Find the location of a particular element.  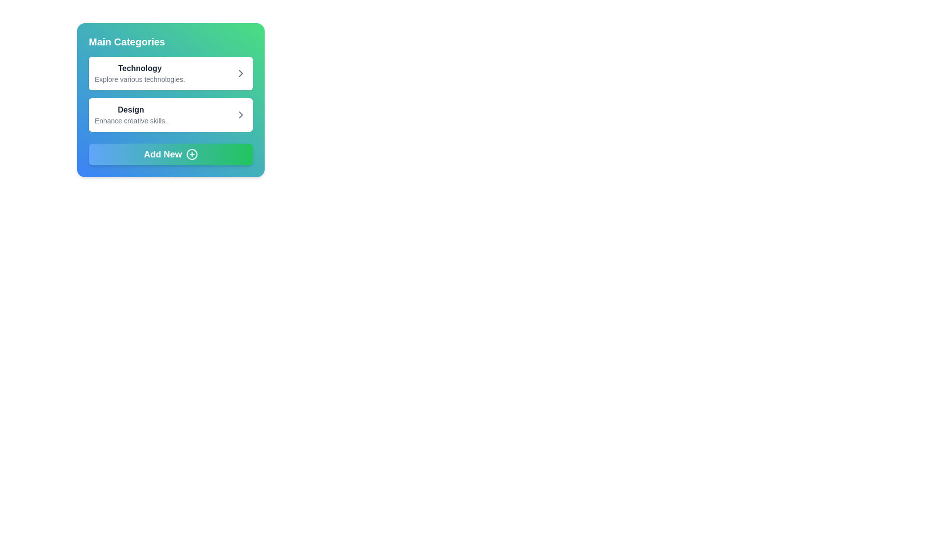

the 'Technology' text-based menu item, which is the first item in the 'Main Categories' card is located at coordinates (139, 73).